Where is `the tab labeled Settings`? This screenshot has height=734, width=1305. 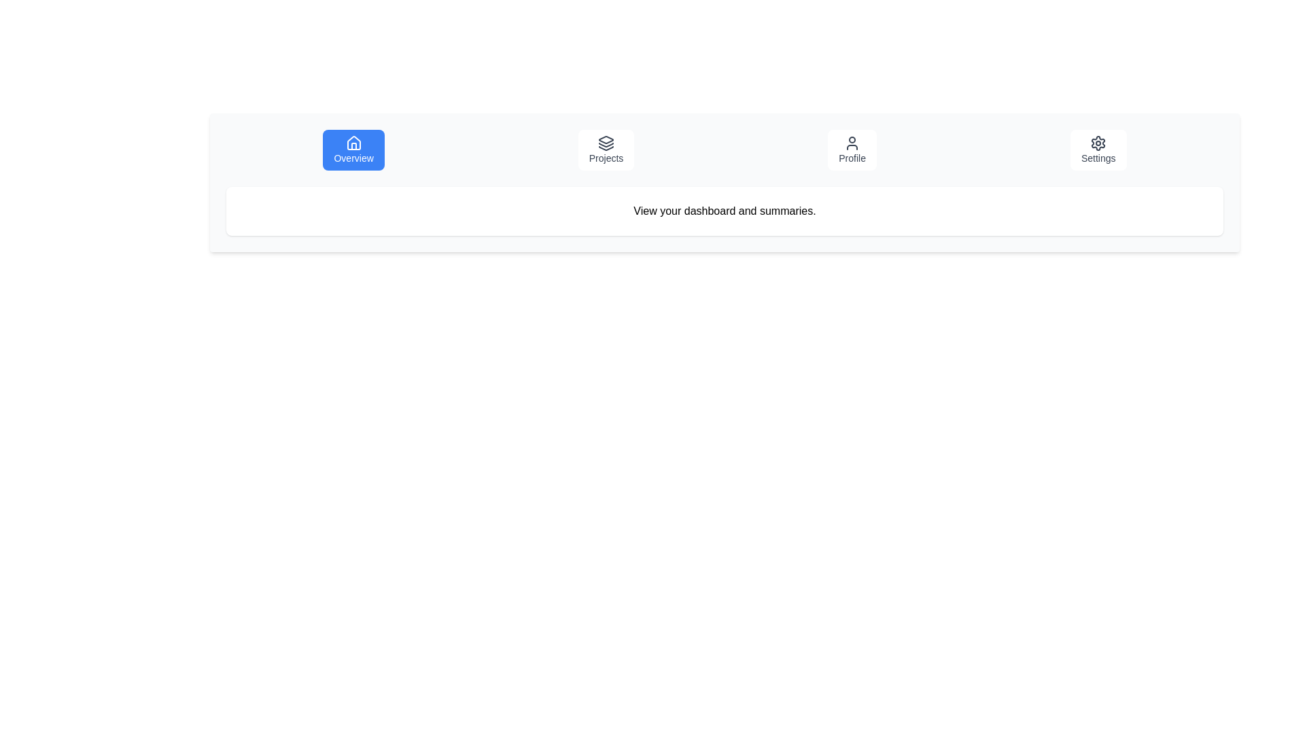 the tab labeled Settings is located at coordinates (1098, 150).